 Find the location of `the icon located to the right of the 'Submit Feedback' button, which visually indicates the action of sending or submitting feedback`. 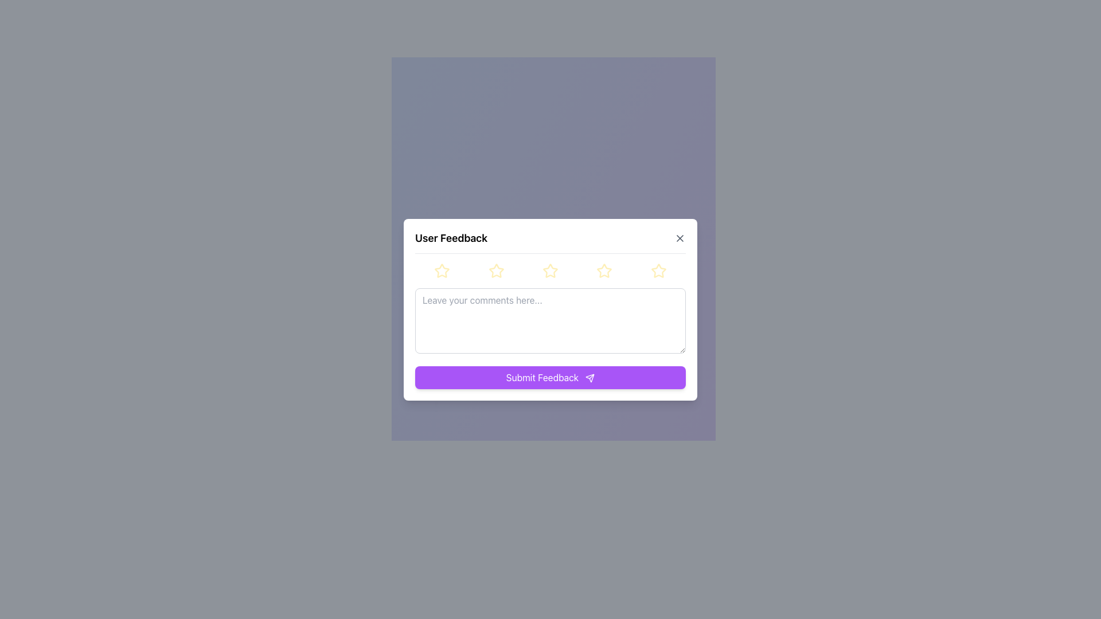

the icon located to the right of the 'Submit Feedback' button, which visually indicates the action of sending or submitting feedback is located at coordinates (590, 378).